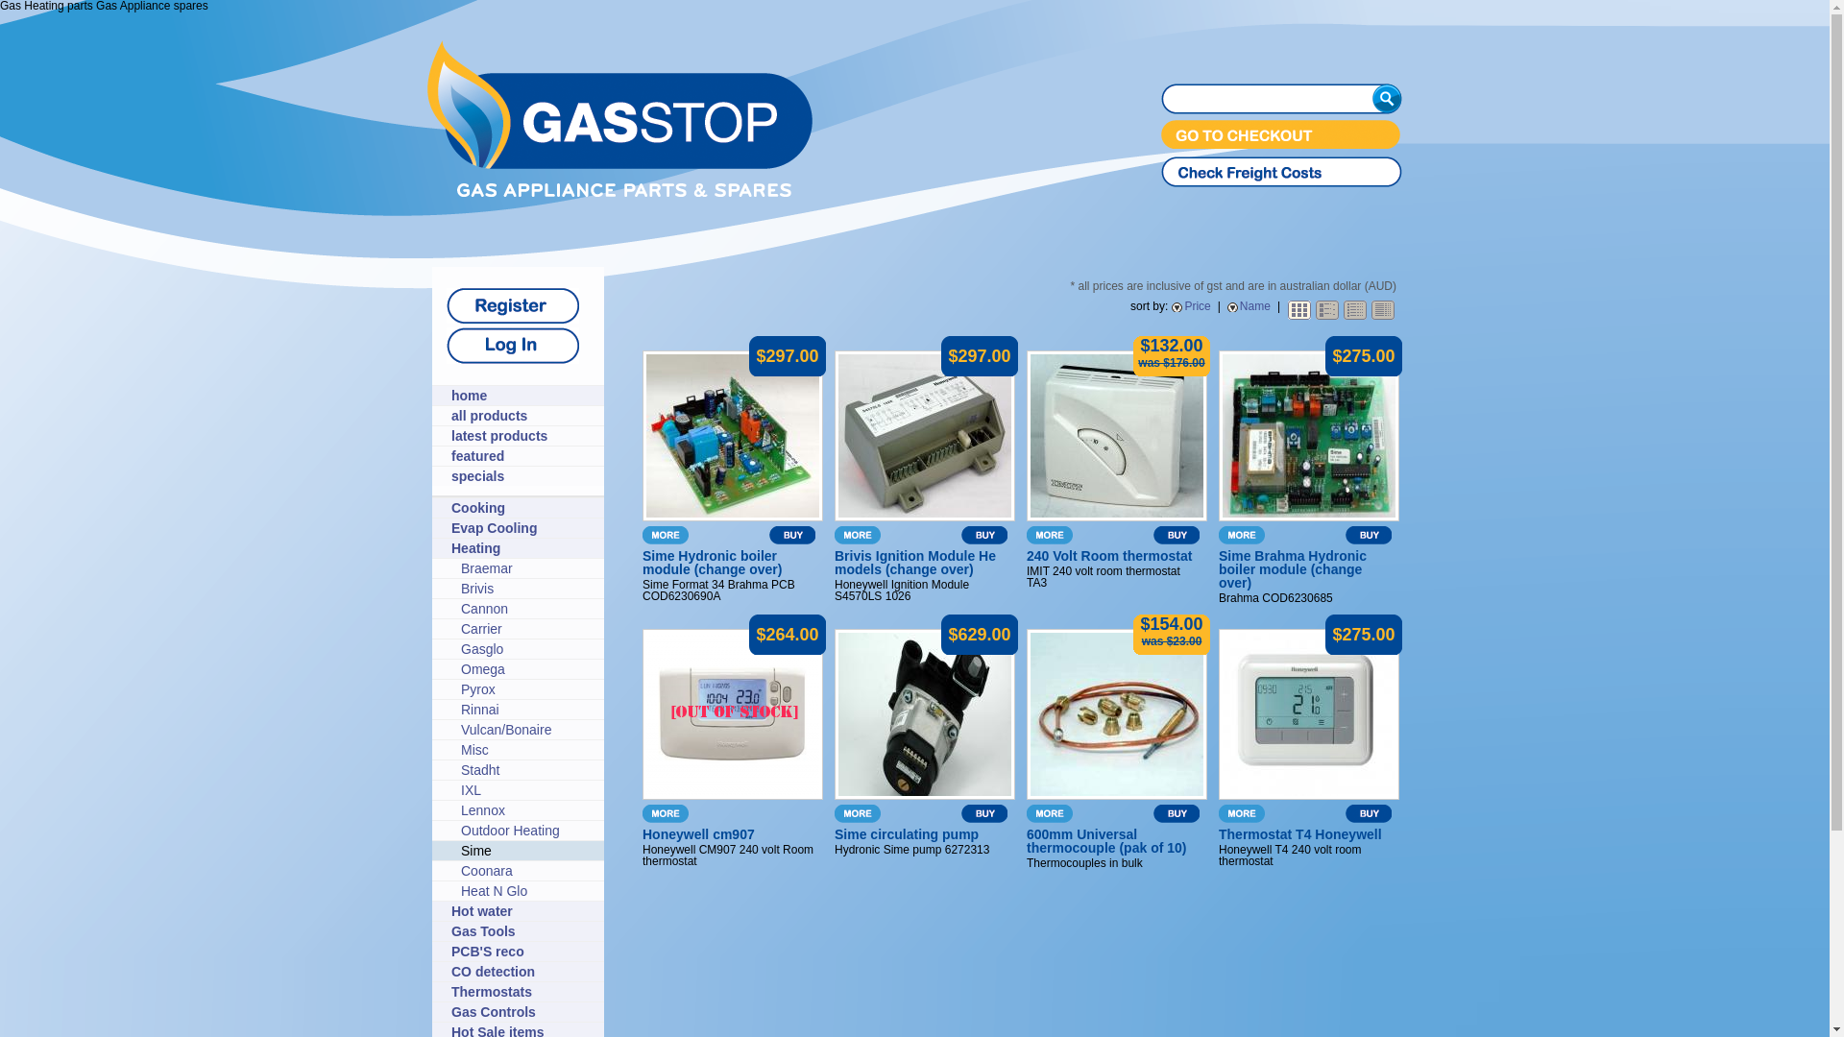 The height and width of the screenshot is (1037, 1844). What do you see at coordinates (527, 789) in the screenshot?
I see `'IXL'` at bounding box center [527, 789].